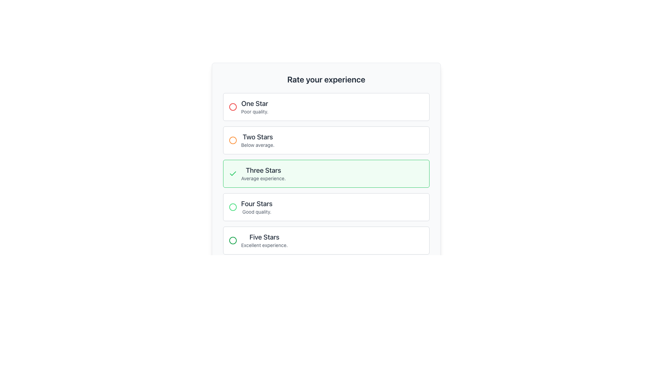 This screenshot has height=368, width=654. Describe the element at coordinates (233, 240) in the screenshot. I see `the green circular status icon that indicates a rating option next to the text 'Five Stars Excellent experience.'` at that location.